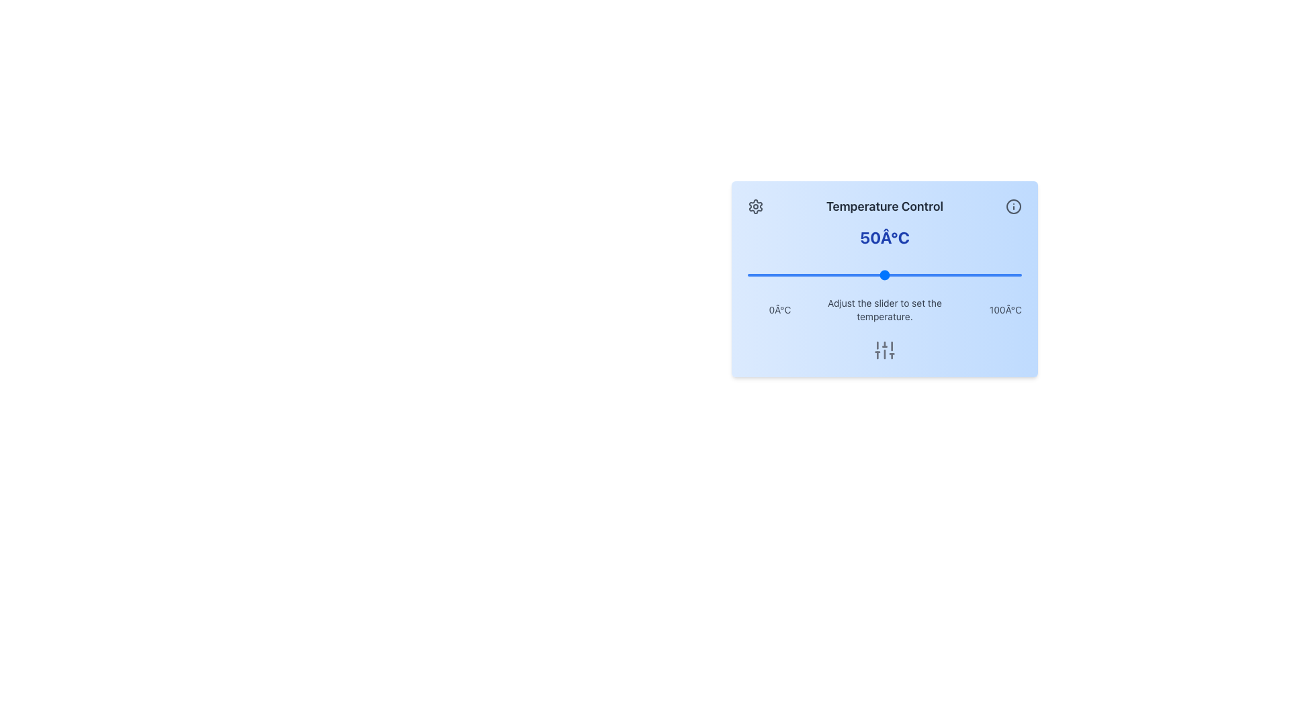  Describe the element at coordinates (884, 207) in the screenshot. I see `'Temperature Control' text label, which is styled in bold, large dark gray font and is centrally positioned in a light blue card-like interface` at that location.